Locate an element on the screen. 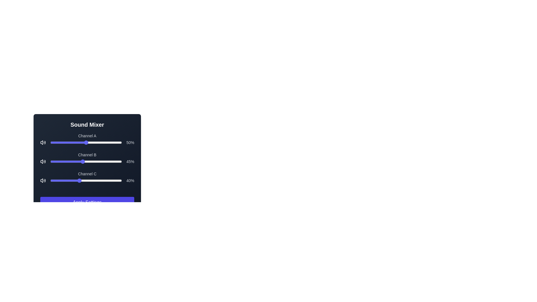 The width and height of the screenshot is (537, 302). the text label displaying '40%' in the 'Channel C' section of the sound mixer interface, which is styled with a small font size and gray color, positioned to the right of a horizontal slider is located at coordinates (130, 180).